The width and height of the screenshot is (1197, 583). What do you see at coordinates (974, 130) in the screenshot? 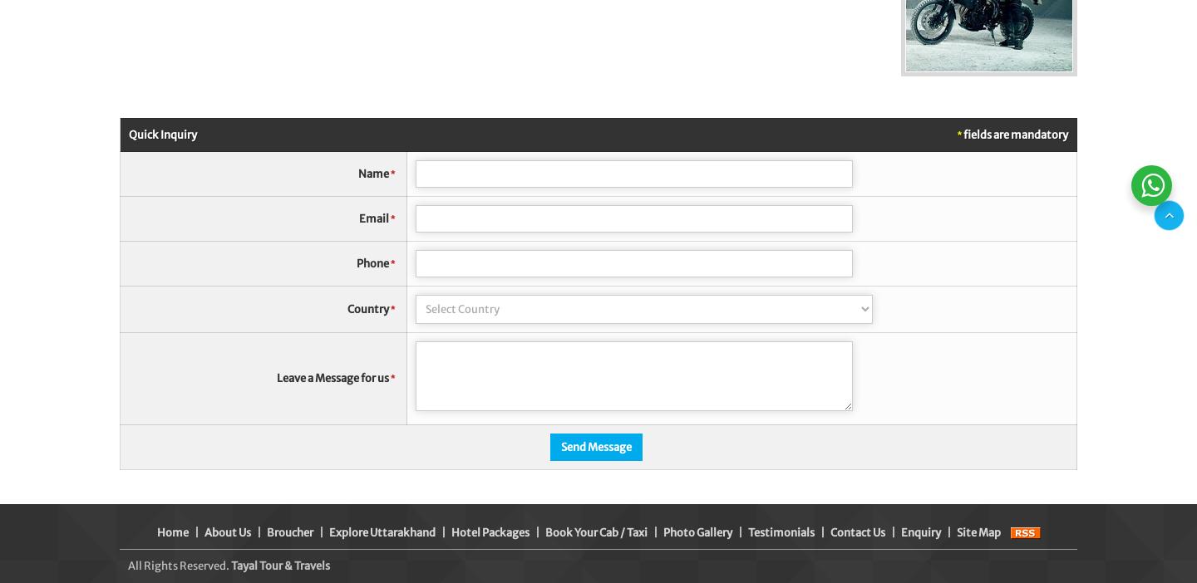
I see `'Our experts will reply you very soon.'` at bounding box center [974, 130].